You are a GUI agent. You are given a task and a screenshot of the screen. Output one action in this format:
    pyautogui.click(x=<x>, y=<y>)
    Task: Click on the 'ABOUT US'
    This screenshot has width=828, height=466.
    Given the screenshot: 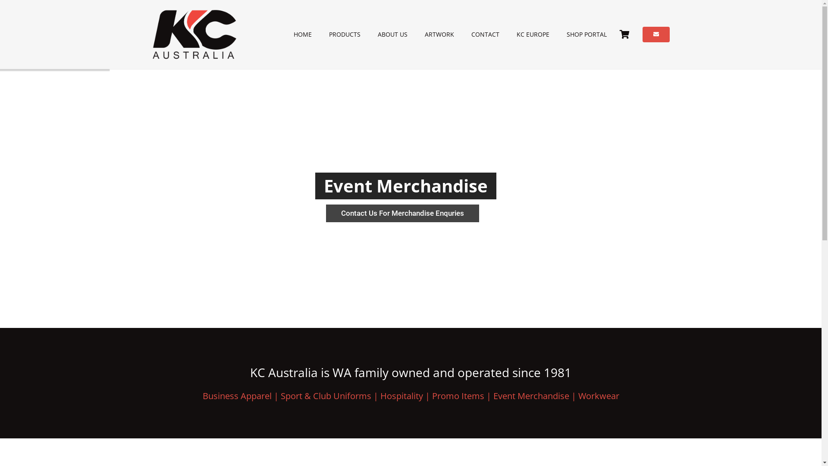 What is the action you would take?
    pyautogui.click(x=392, y=34)
    